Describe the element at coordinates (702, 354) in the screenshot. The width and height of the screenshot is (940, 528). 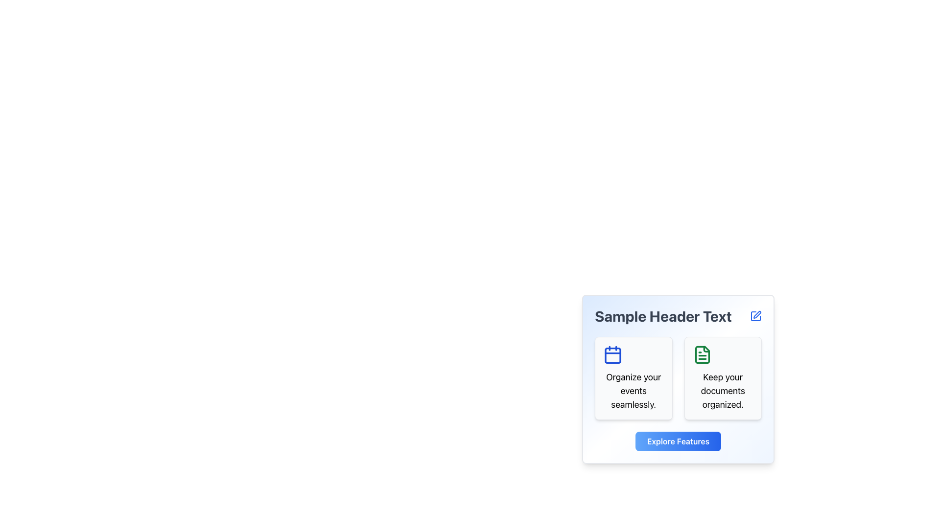
I see `the SVG Icon representing document organization, which is located in the second card below the main header and above the text 'Keep your documents organized.'` at that location.